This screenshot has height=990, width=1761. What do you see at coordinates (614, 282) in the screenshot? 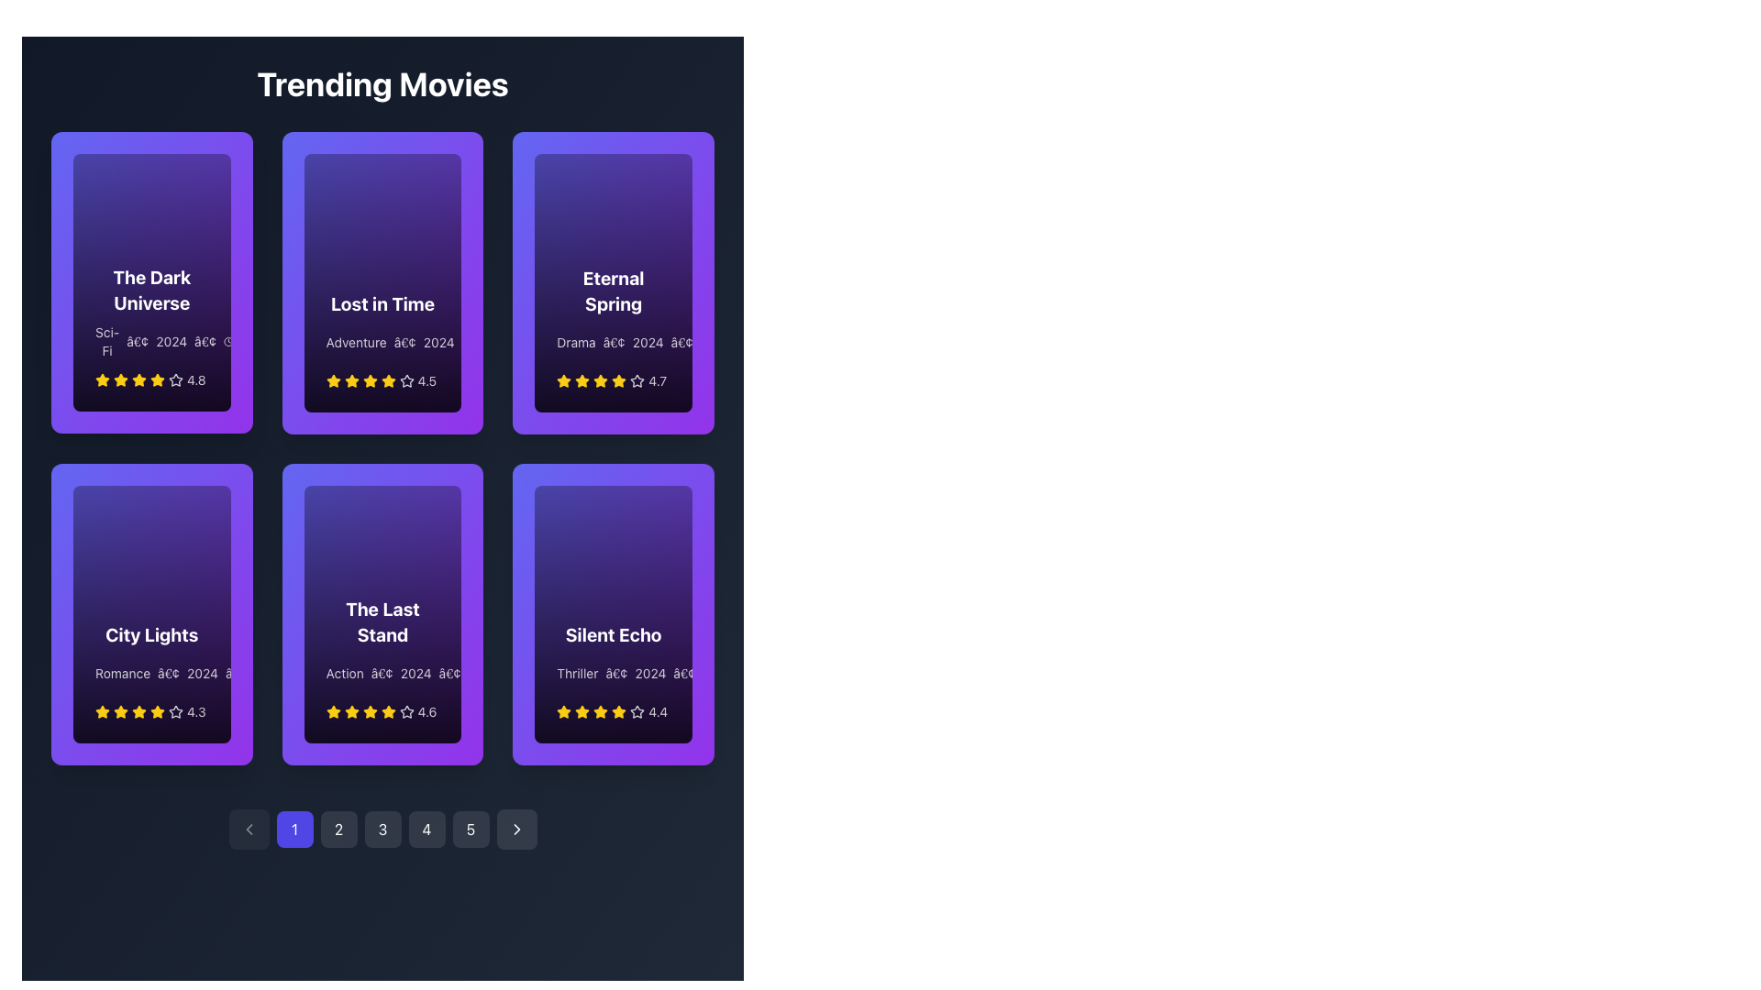
I see `the information displayed on the movie card for 'Eternal Spring', located in the first row and third column of the grid layout` at bounding box center [614, 282].